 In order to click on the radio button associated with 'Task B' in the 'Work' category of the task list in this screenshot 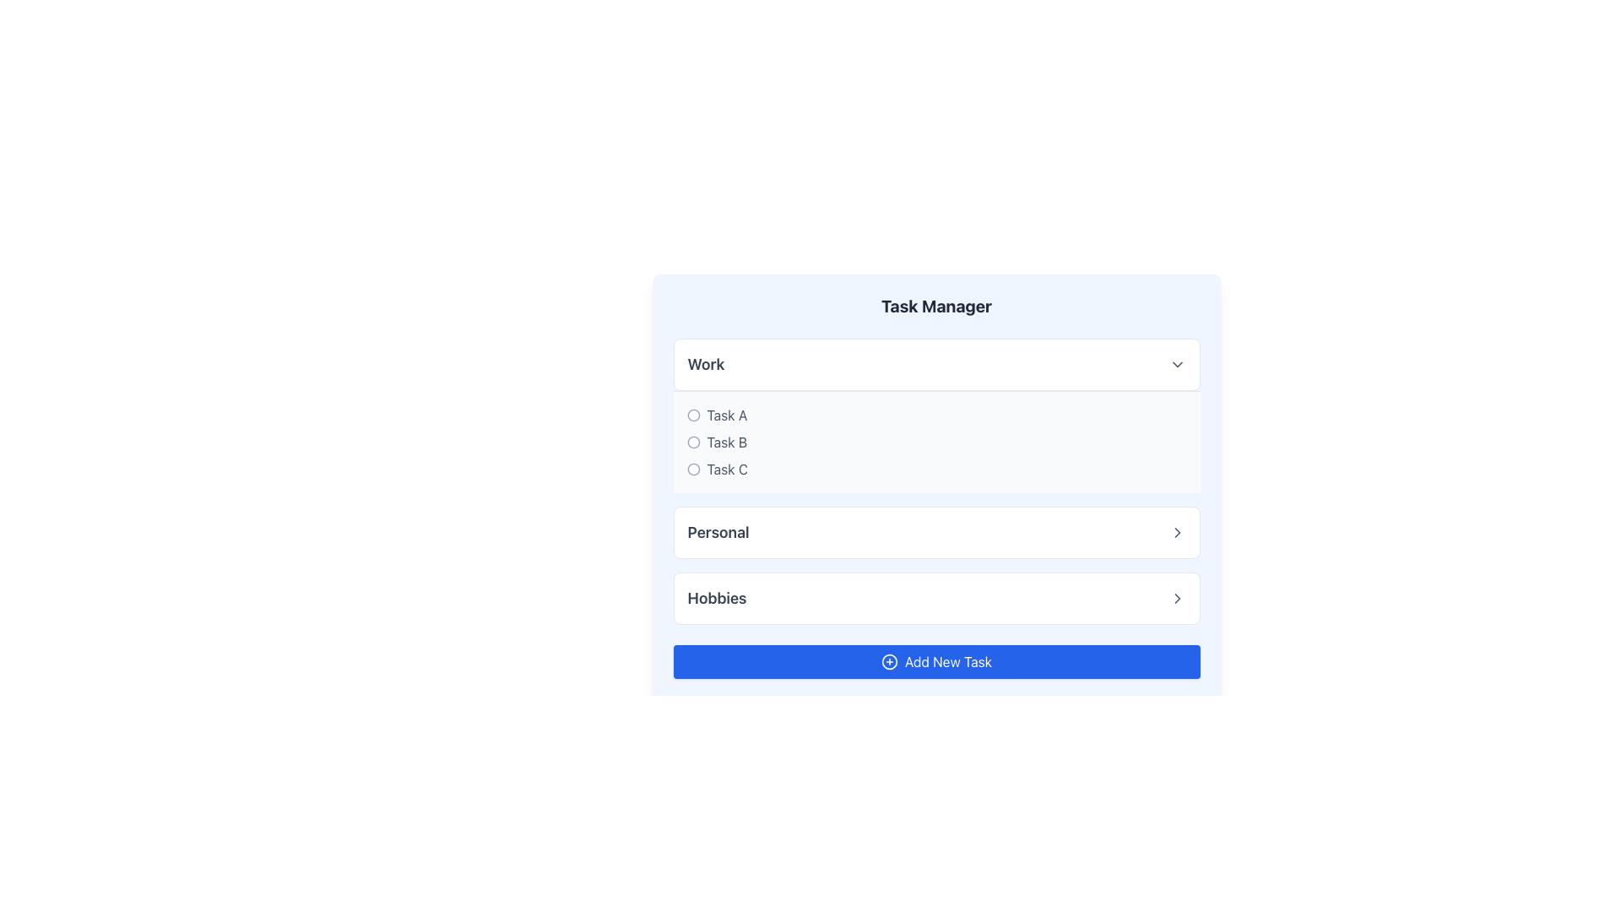, I will do `click(693, 442)`.